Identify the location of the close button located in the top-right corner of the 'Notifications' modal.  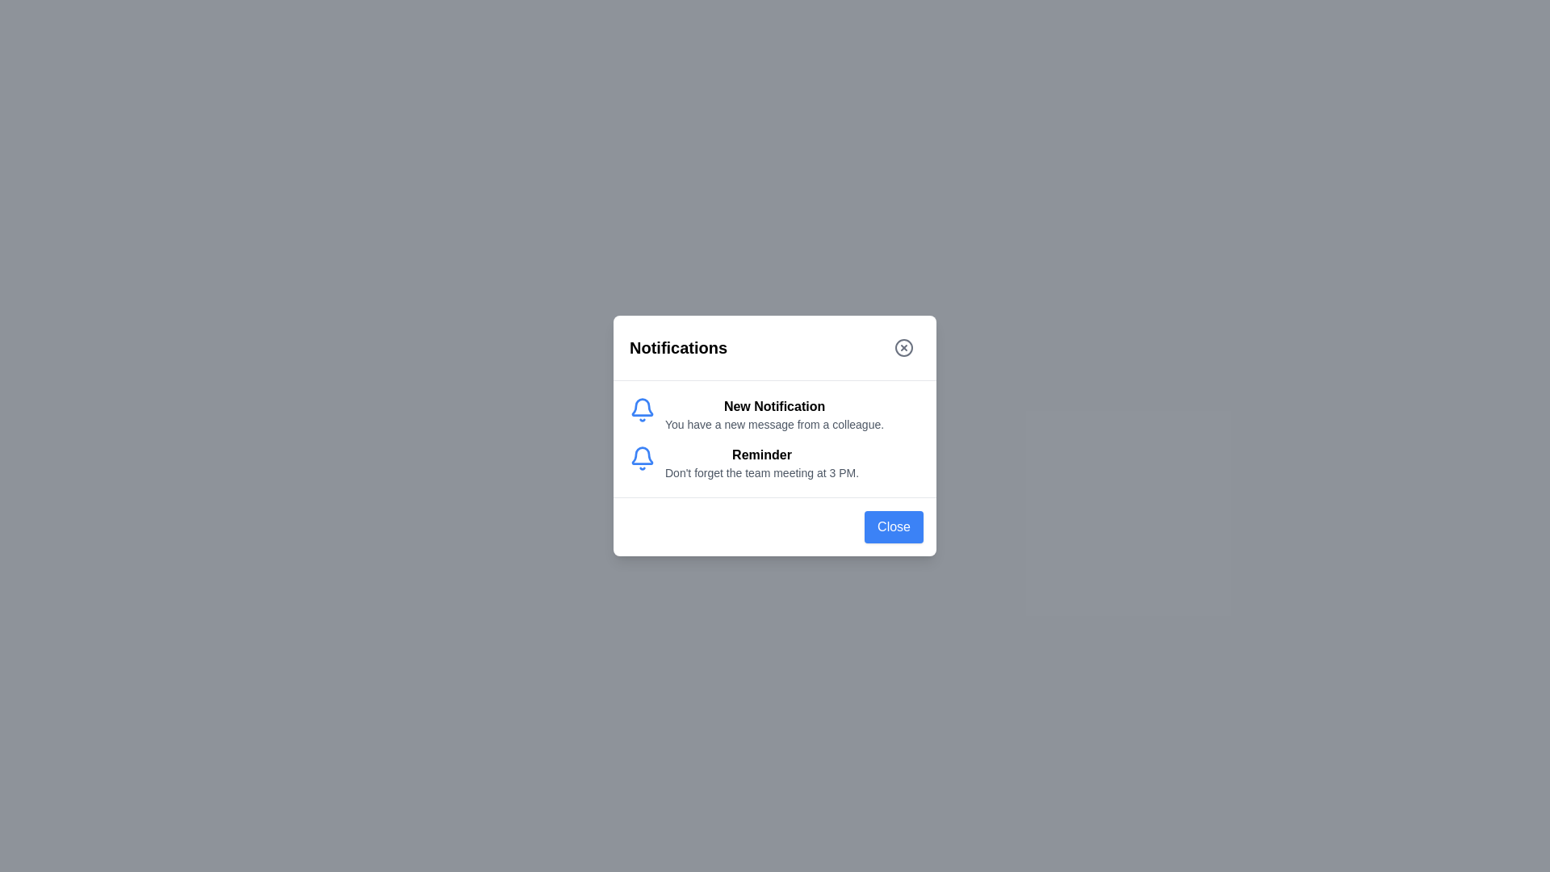
(903, 347).